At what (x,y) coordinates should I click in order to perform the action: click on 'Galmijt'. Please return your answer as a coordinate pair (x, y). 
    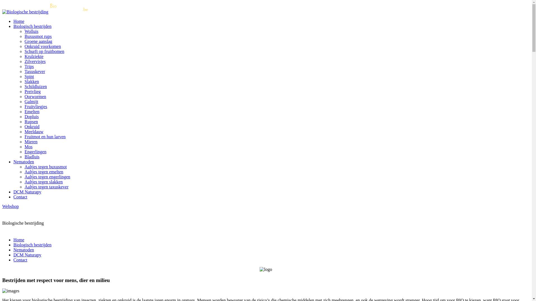
    Looking at the image, I should click on (24, 101).